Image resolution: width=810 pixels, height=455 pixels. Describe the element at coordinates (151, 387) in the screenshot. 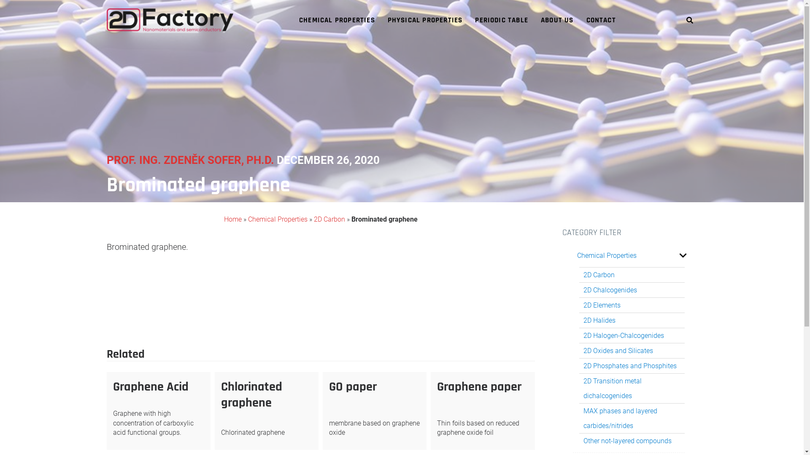

I see `'Graphene Acid'` at that location.